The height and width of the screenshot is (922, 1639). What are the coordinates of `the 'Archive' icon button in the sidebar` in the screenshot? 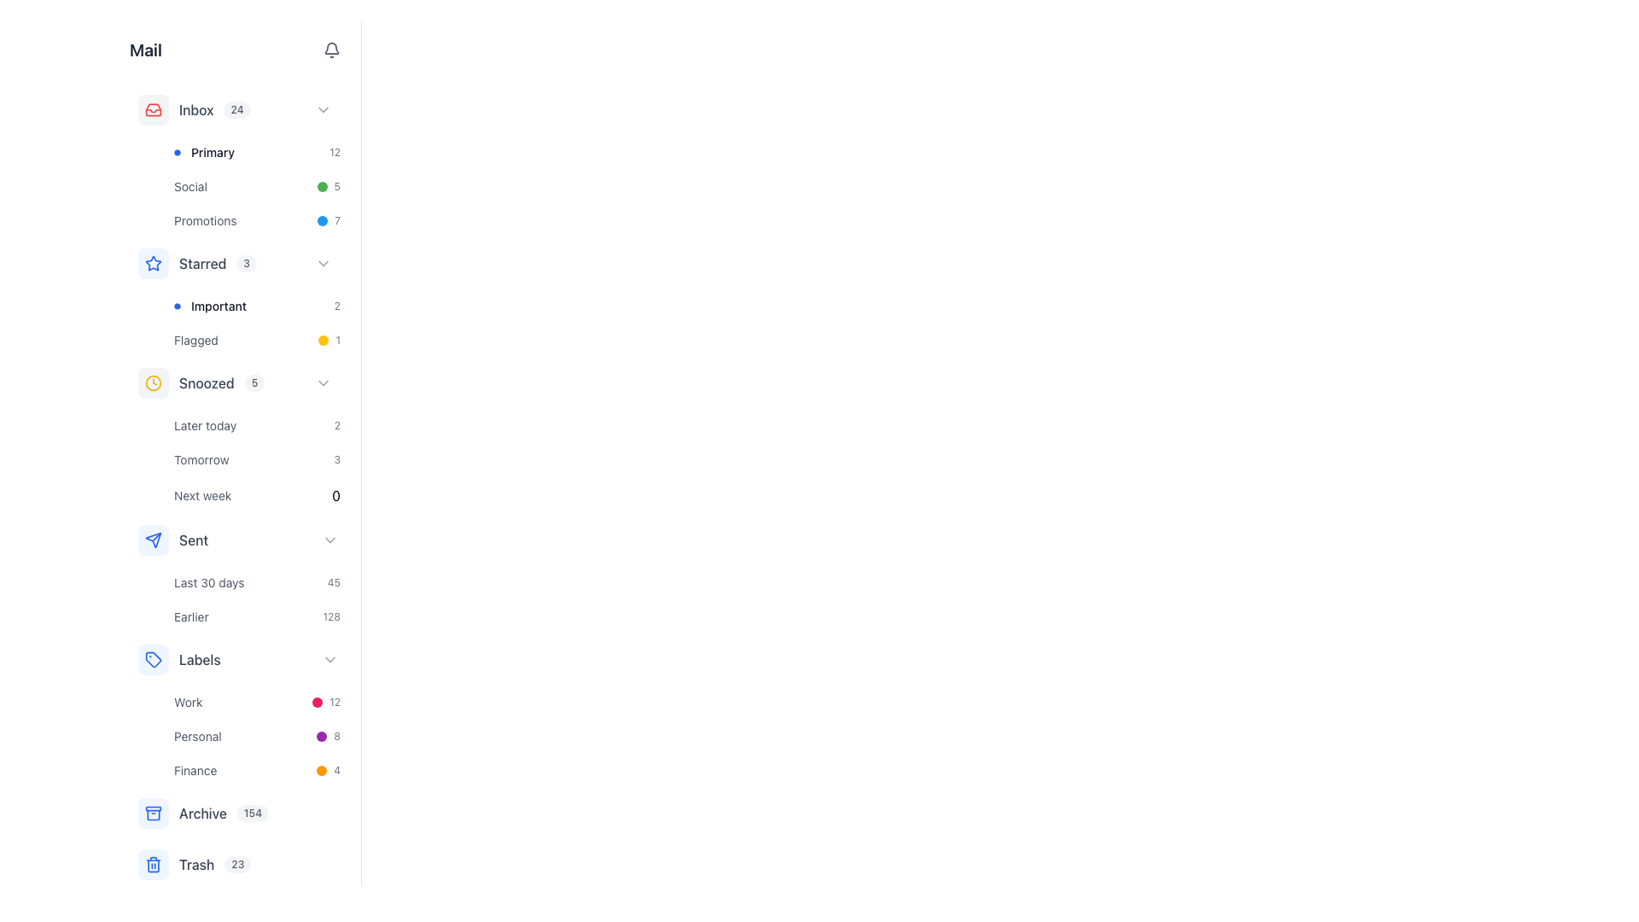 It's located at (154, 812).